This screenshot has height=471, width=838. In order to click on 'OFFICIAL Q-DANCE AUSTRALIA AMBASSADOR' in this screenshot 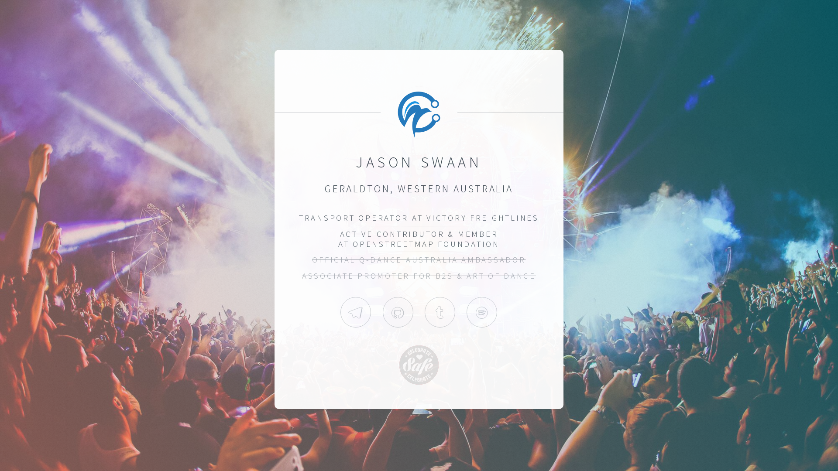, I will do `click(418, 259)`.